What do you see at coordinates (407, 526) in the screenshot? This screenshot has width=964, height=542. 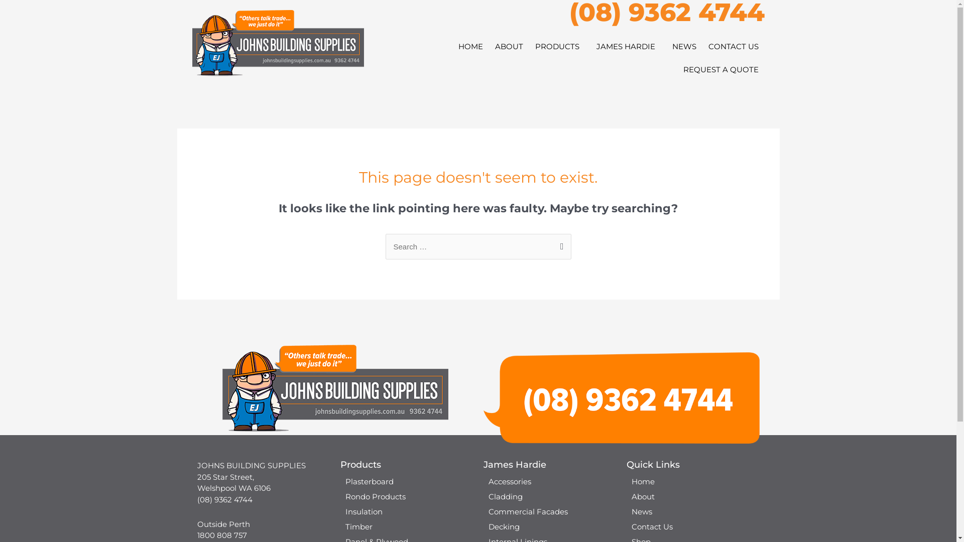 I see `'Timber'` at bounding box center [407, 526].